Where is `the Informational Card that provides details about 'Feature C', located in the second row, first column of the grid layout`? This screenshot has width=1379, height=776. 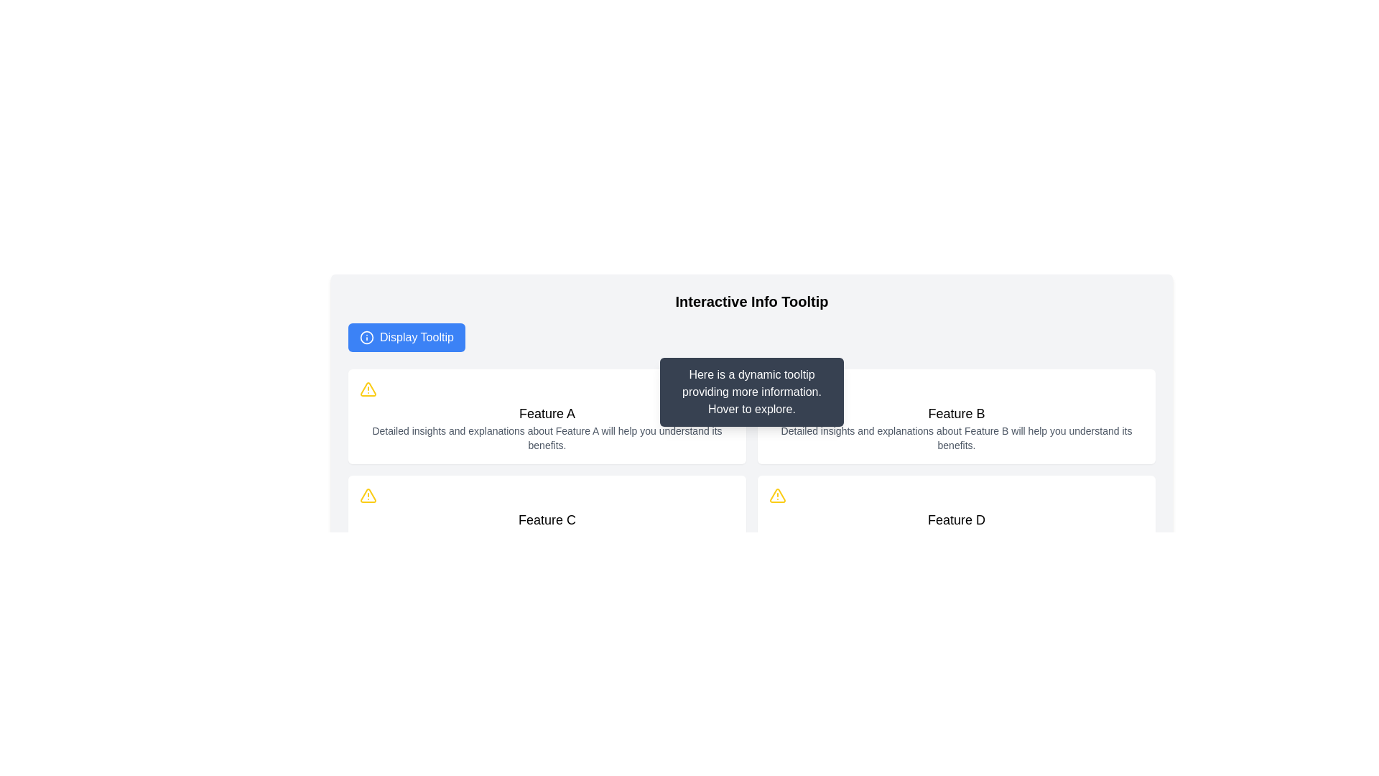 the Informational Card that provides details about 'Feature C', located in the second row, first column of the grid layout is located at coordinates (547, 523).